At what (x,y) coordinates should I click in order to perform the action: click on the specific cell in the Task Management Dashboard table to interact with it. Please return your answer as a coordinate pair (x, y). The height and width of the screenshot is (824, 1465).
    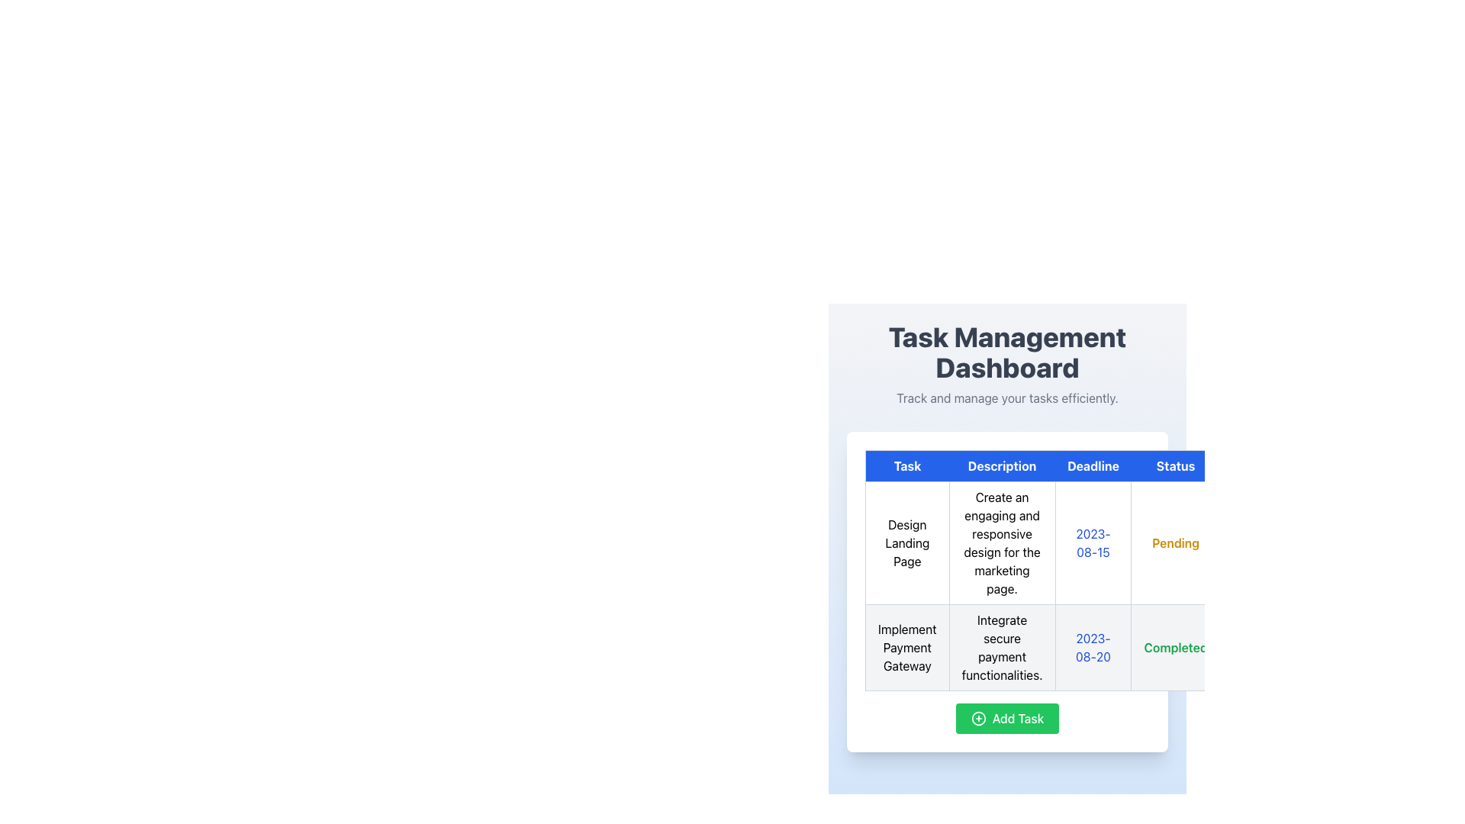
    Looking at the image, I should click on (1007, 591).